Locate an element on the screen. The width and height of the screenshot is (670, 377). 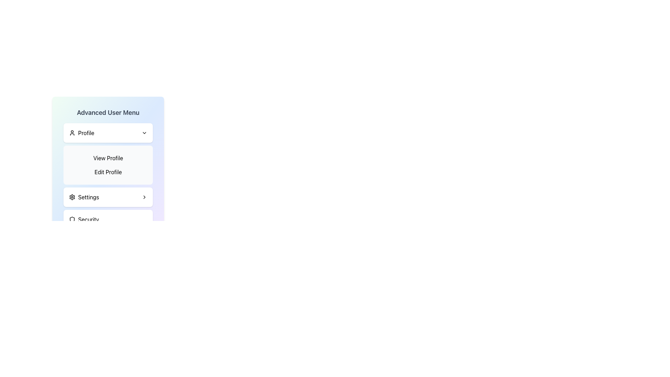
the text label for the settings menu option located in the third menu item of the 'Advanced User Menu', positioned next to a gear icon is located at coordinates (88, 197).